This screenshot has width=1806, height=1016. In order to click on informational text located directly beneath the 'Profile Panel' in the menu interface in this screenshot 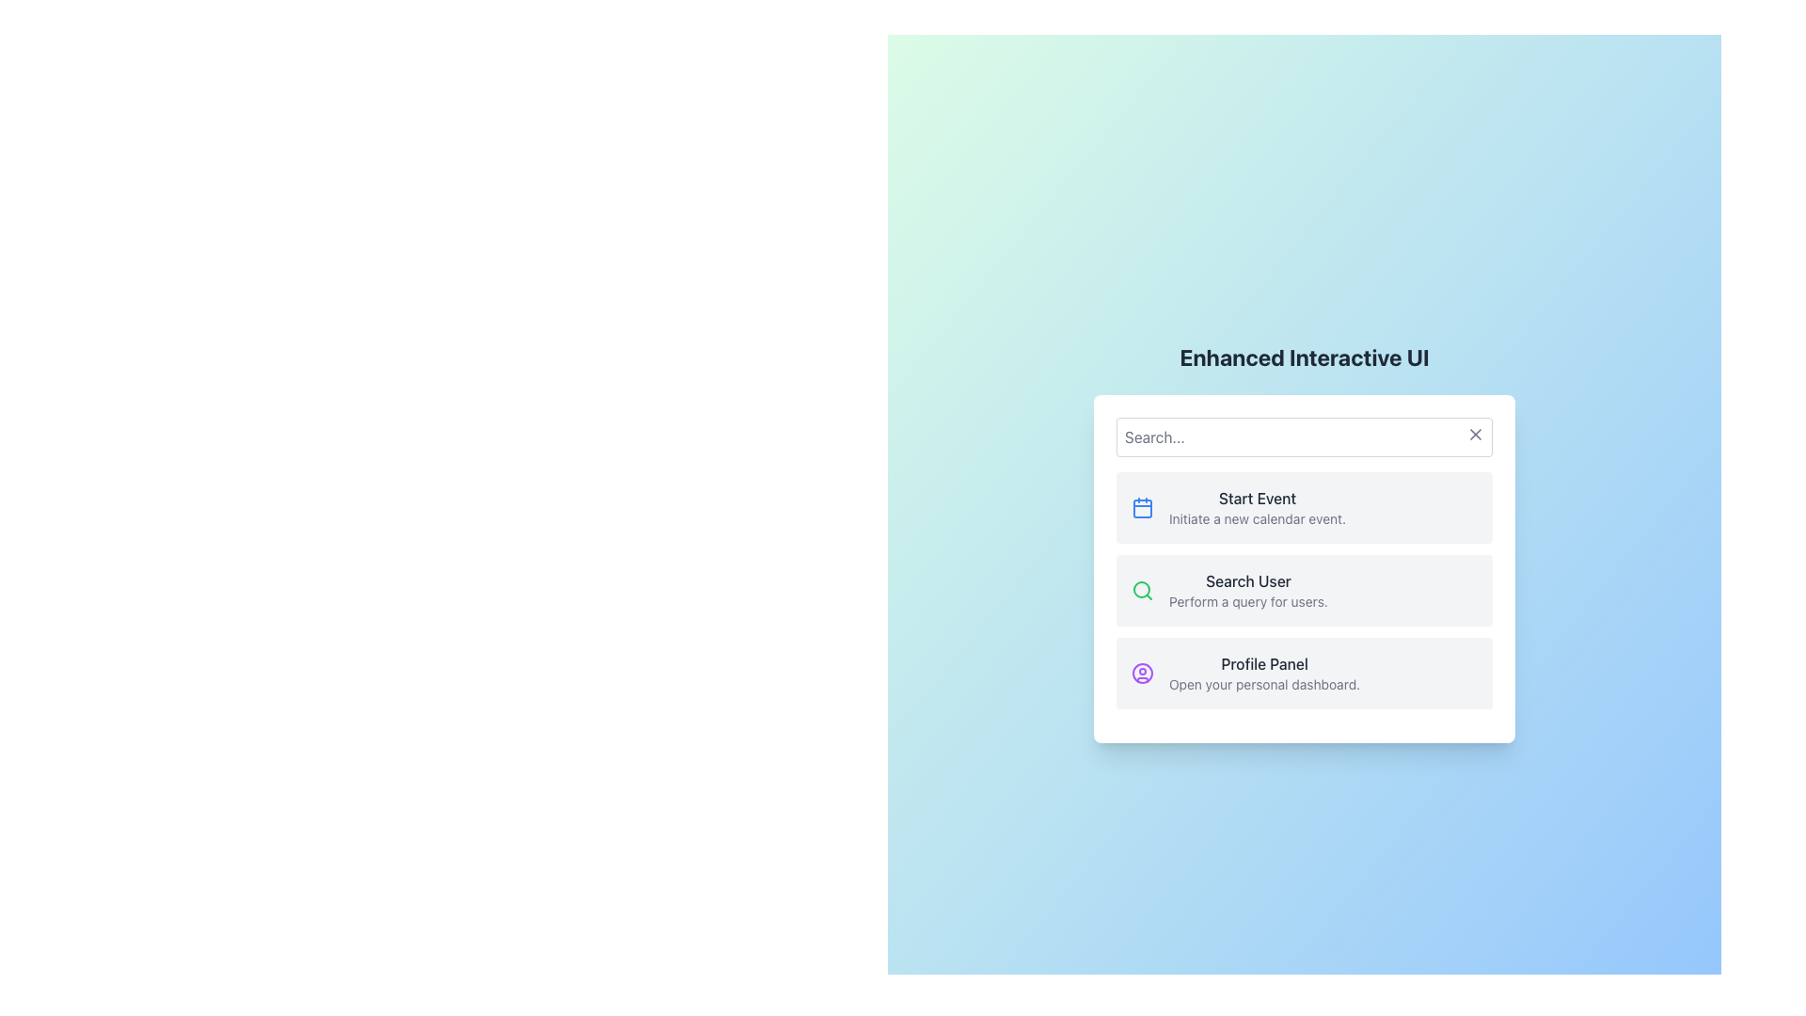, I will do `click(1264, 685)`.